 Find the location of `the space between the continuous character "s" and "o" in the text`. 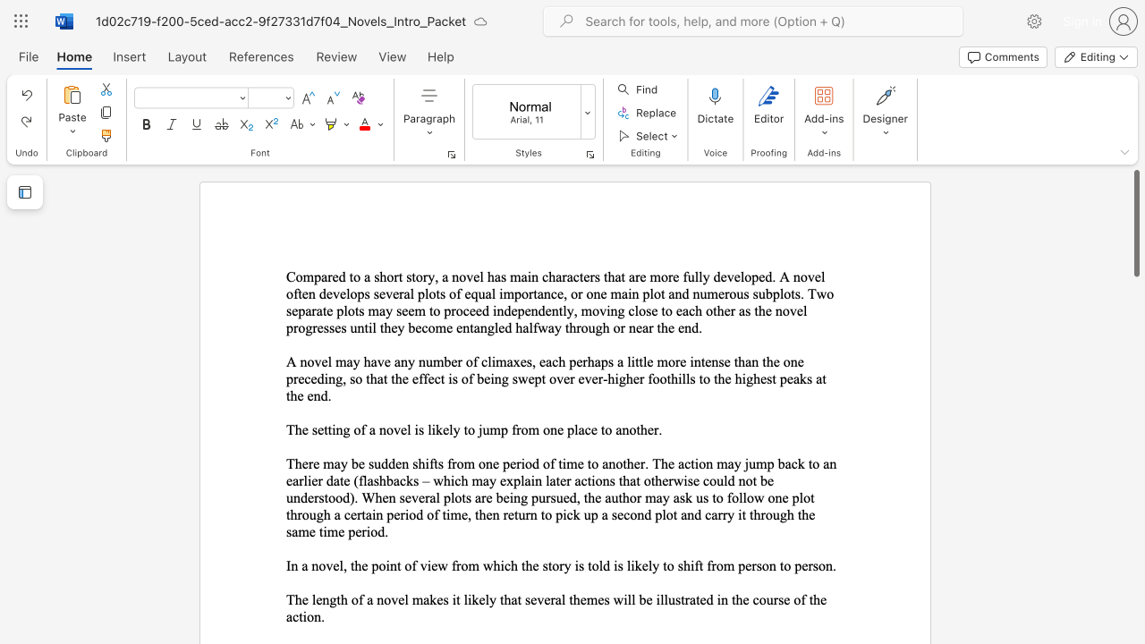

the space between the continuous character "s" and "o" in the text is located at coordinates (355, 377).